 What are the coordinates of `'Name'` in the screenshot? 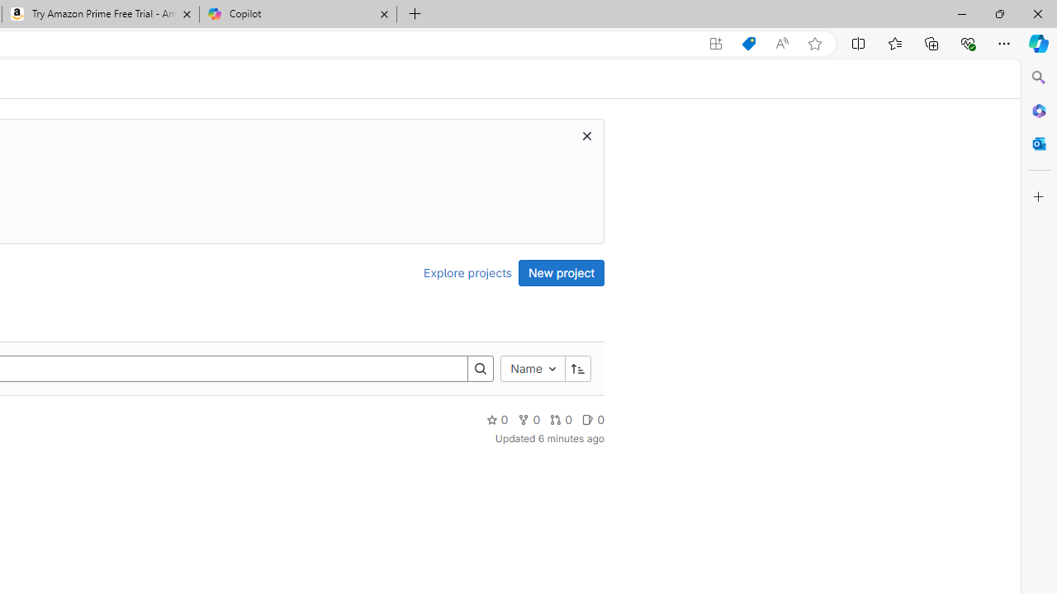 It's located at (533, 367).